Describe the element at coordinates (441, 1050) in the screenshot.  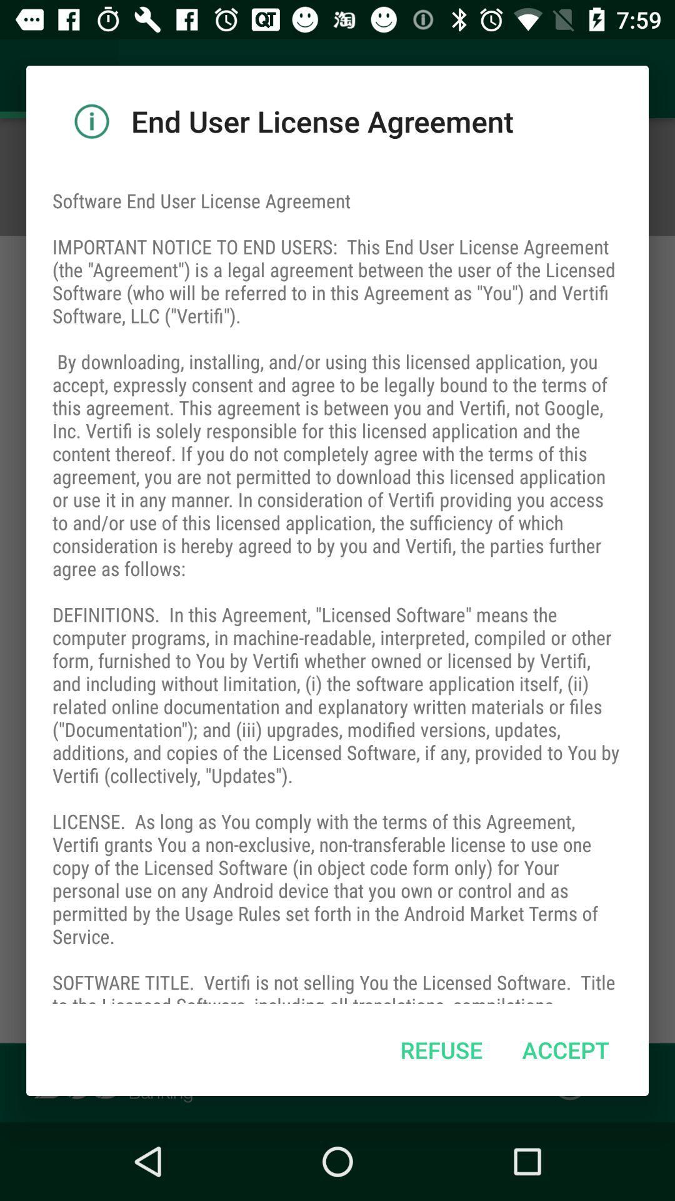
I see `the refuse at the bottom` at that location.